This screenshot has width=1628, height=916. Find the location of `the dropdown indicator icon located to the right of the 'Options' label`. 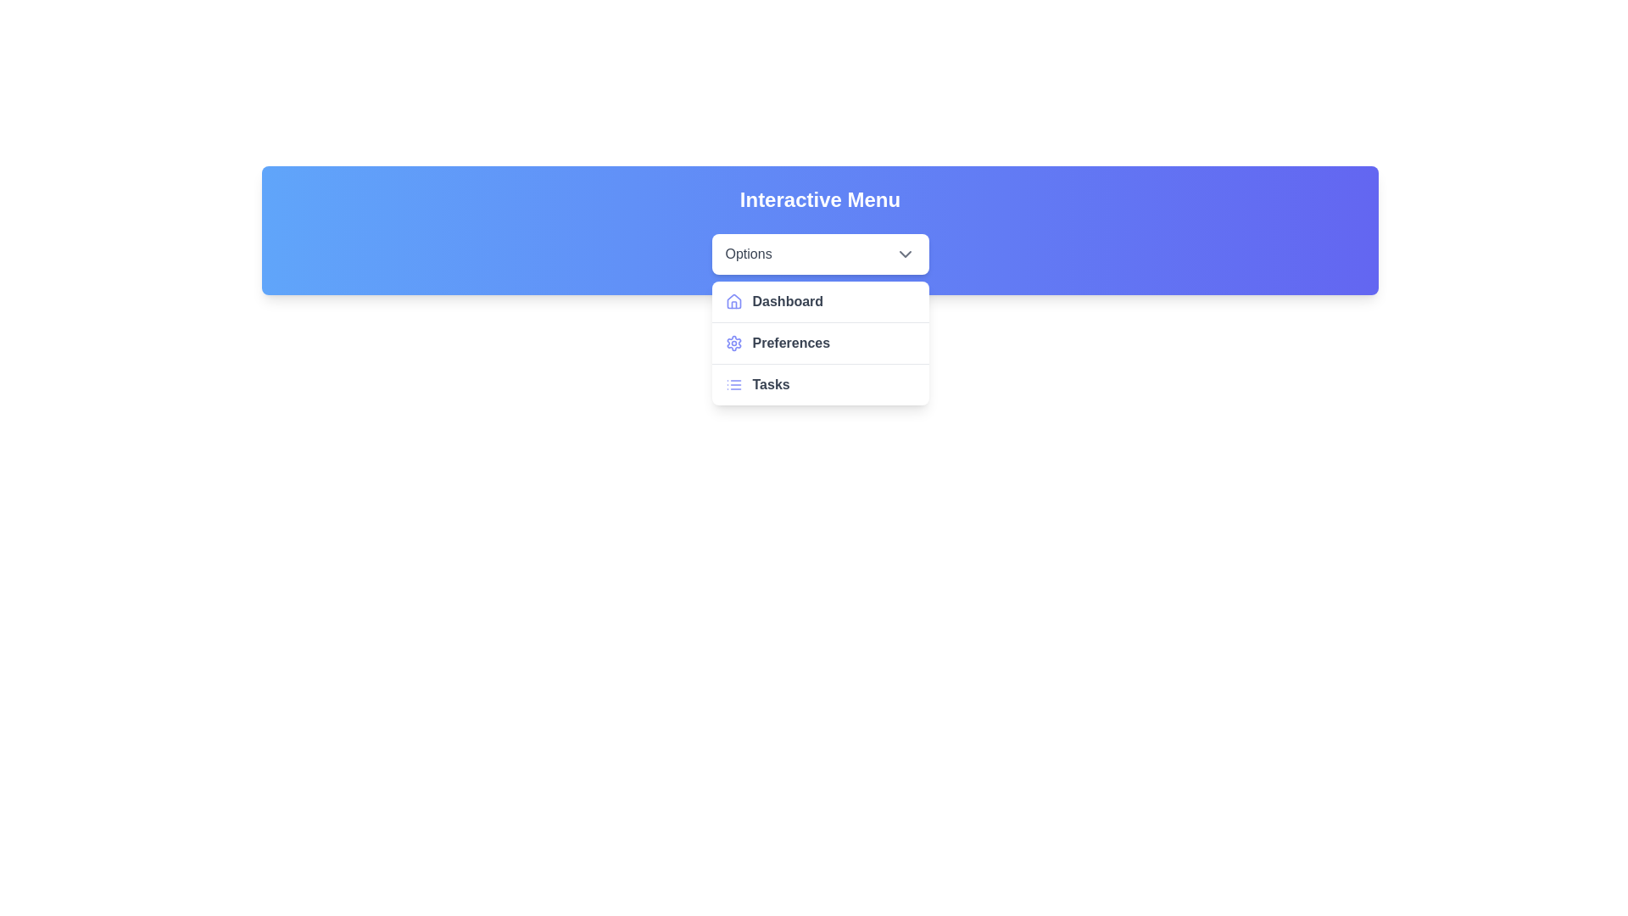

the dropdown indicator icon located to the right of the 'Options' label is located at coordinates (904, 254).